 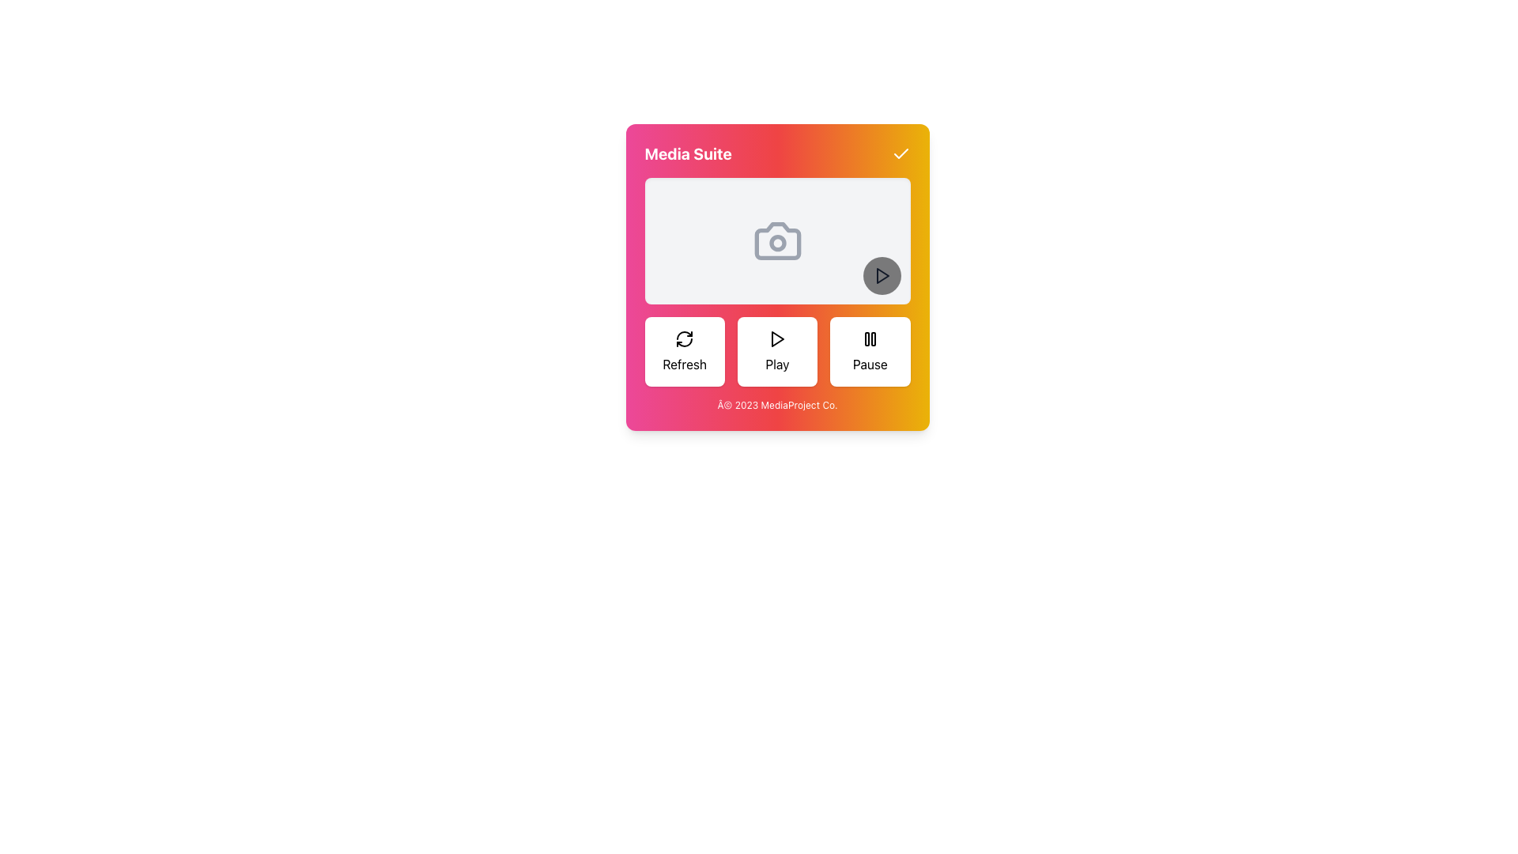 I want to click on the triangular play button icon, which is hollow and set against a gray circular background, located at the top-right corner of the main content box above the labeled buttons, so click(x=882, y=274).